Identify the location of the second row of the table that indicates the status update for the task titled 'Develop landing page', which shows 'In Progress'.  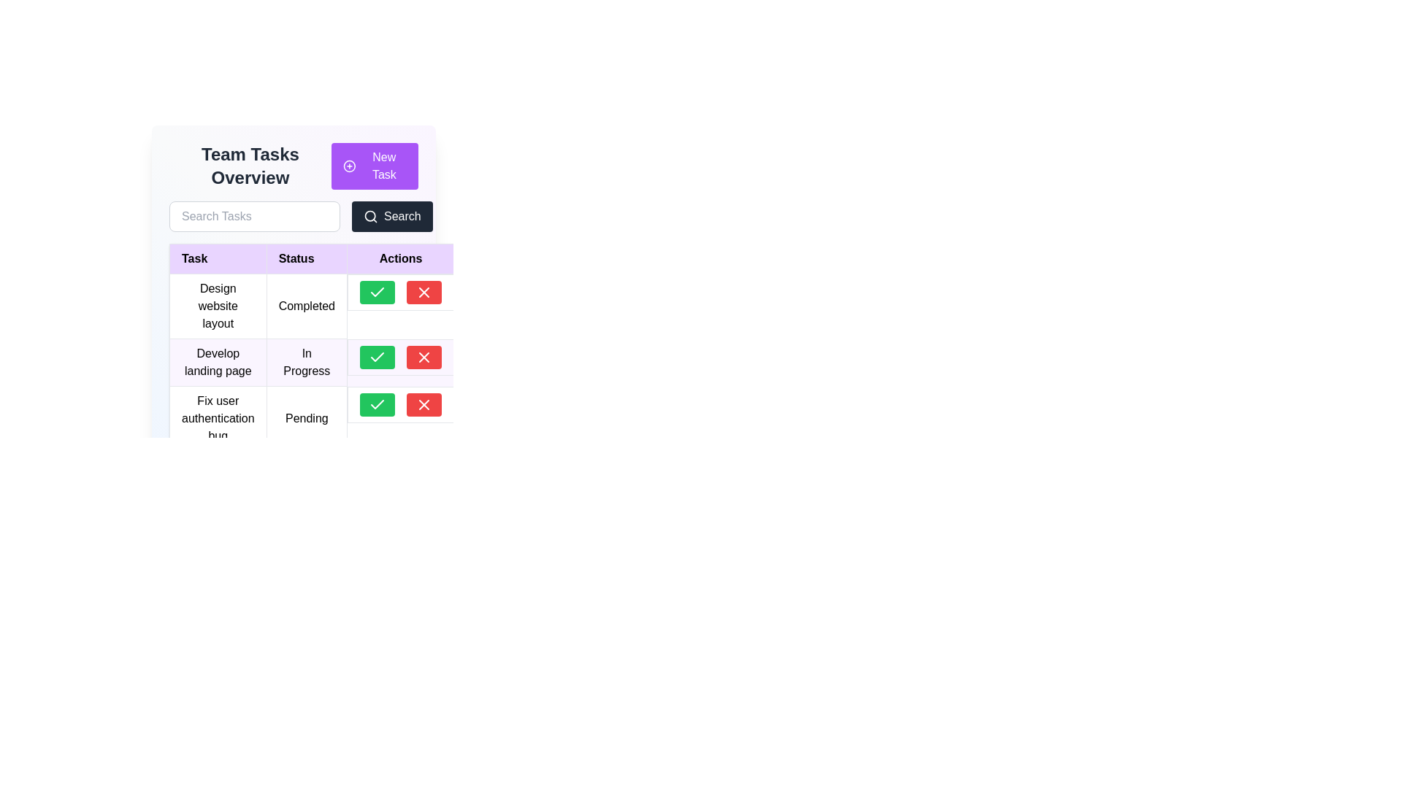
(311, 362).